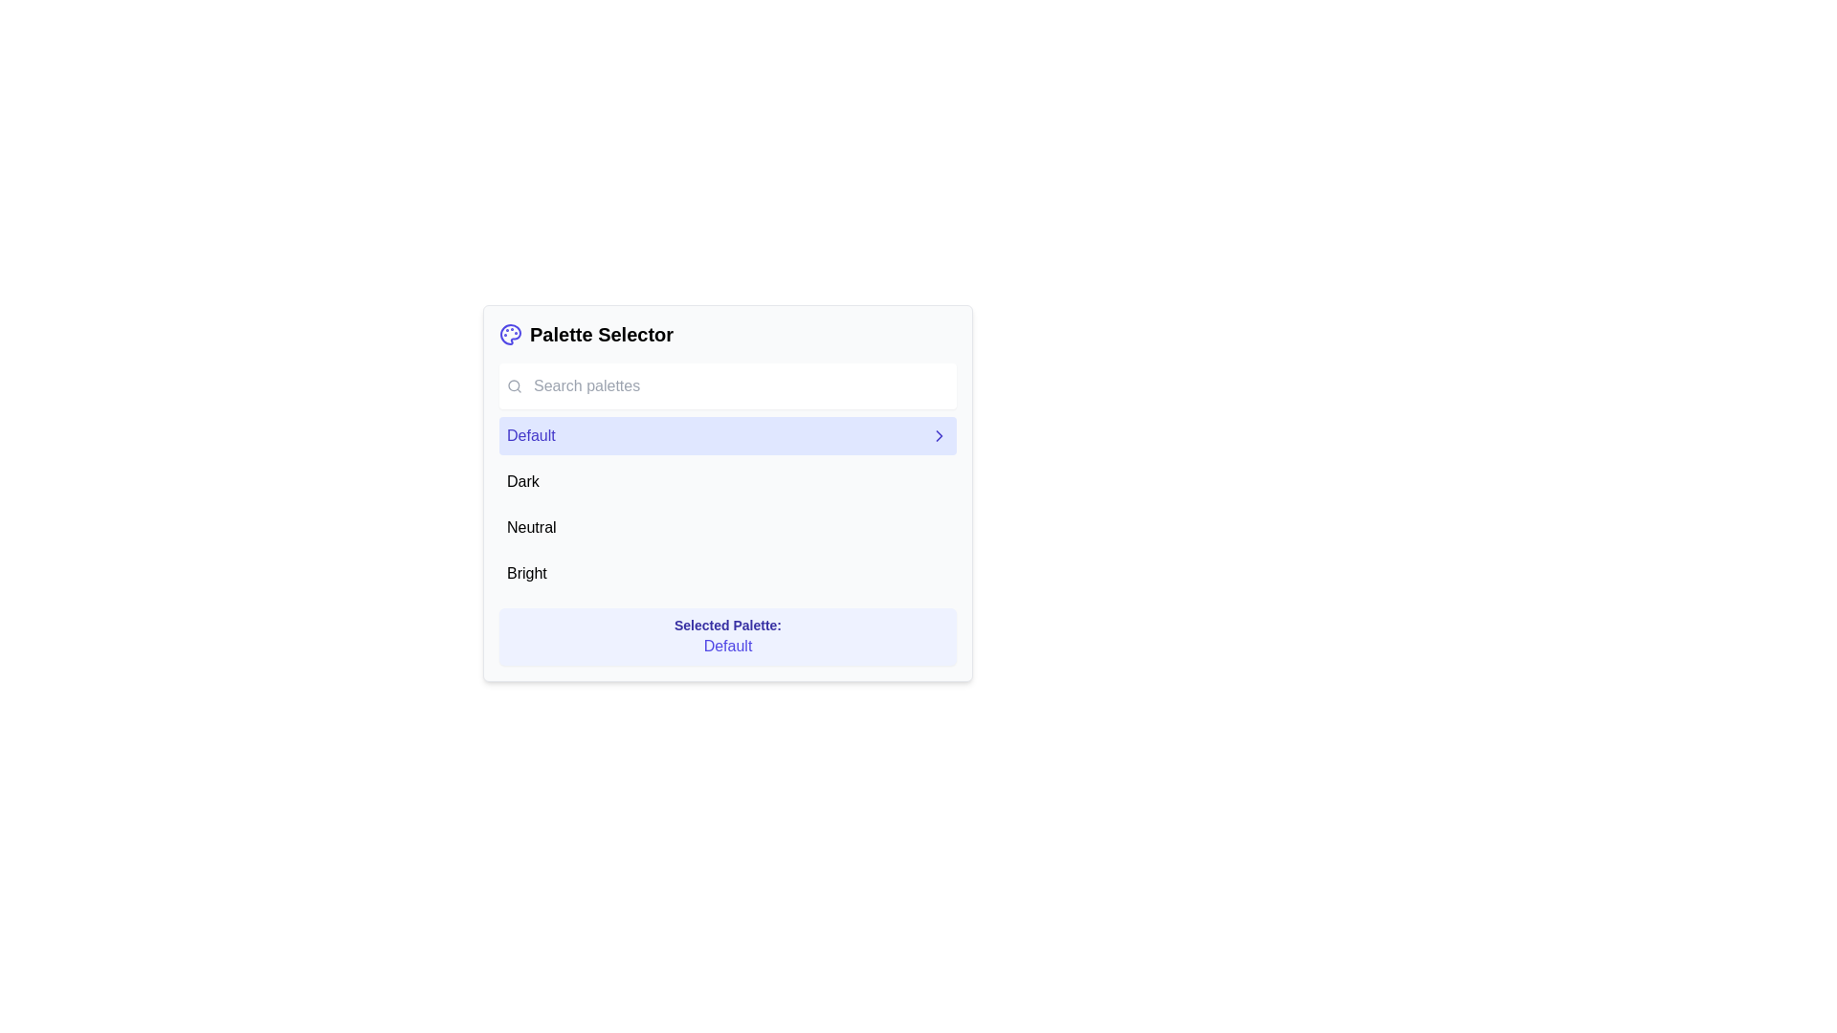 The height and width of the screenshot is (1033, 1837). I want to click on the 'Neutral' button located in the 'Palette Selector' panel, so click(727, 527).